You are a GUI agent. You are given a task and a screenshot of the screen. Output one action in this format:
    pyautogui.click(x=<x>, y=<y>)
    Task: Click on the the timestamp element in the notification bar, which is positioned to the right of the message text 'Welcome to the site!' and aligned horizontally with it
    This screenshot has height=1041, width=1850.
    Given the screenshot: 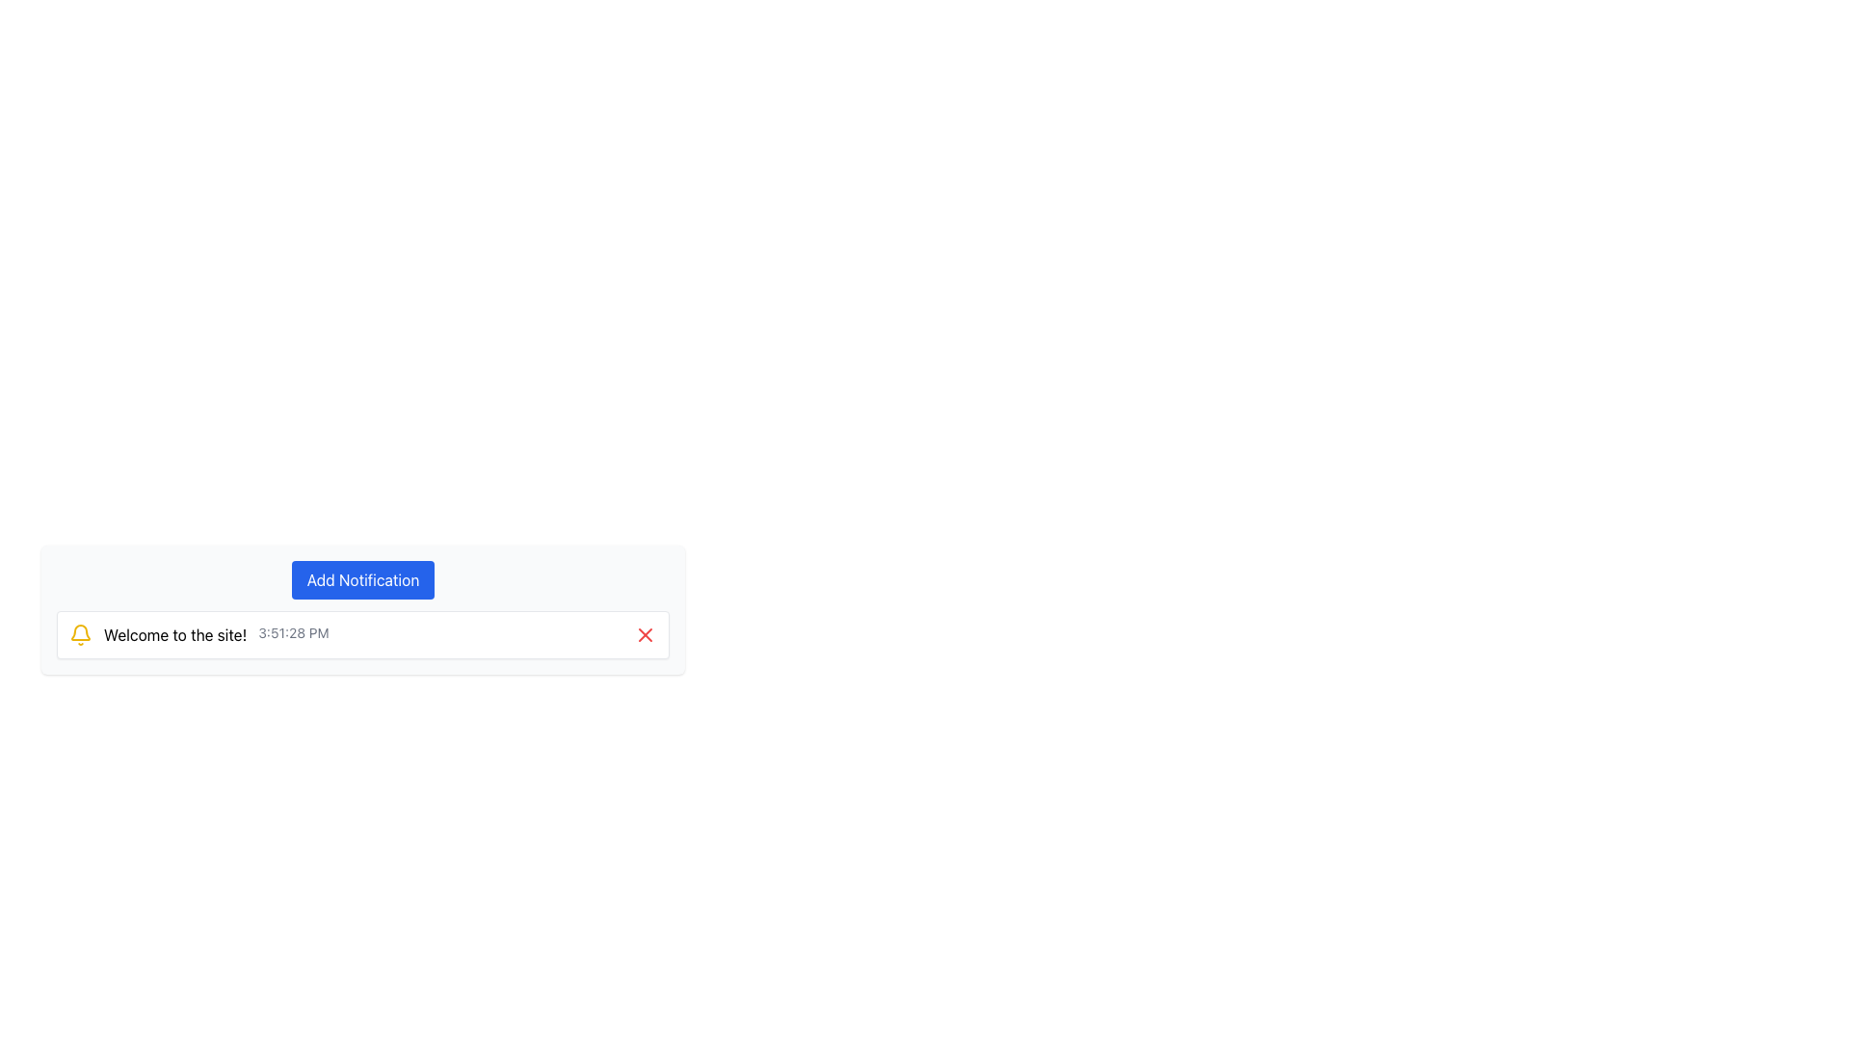 What is the action you would take?
    pyautogui.click(x=293, y=635)
    